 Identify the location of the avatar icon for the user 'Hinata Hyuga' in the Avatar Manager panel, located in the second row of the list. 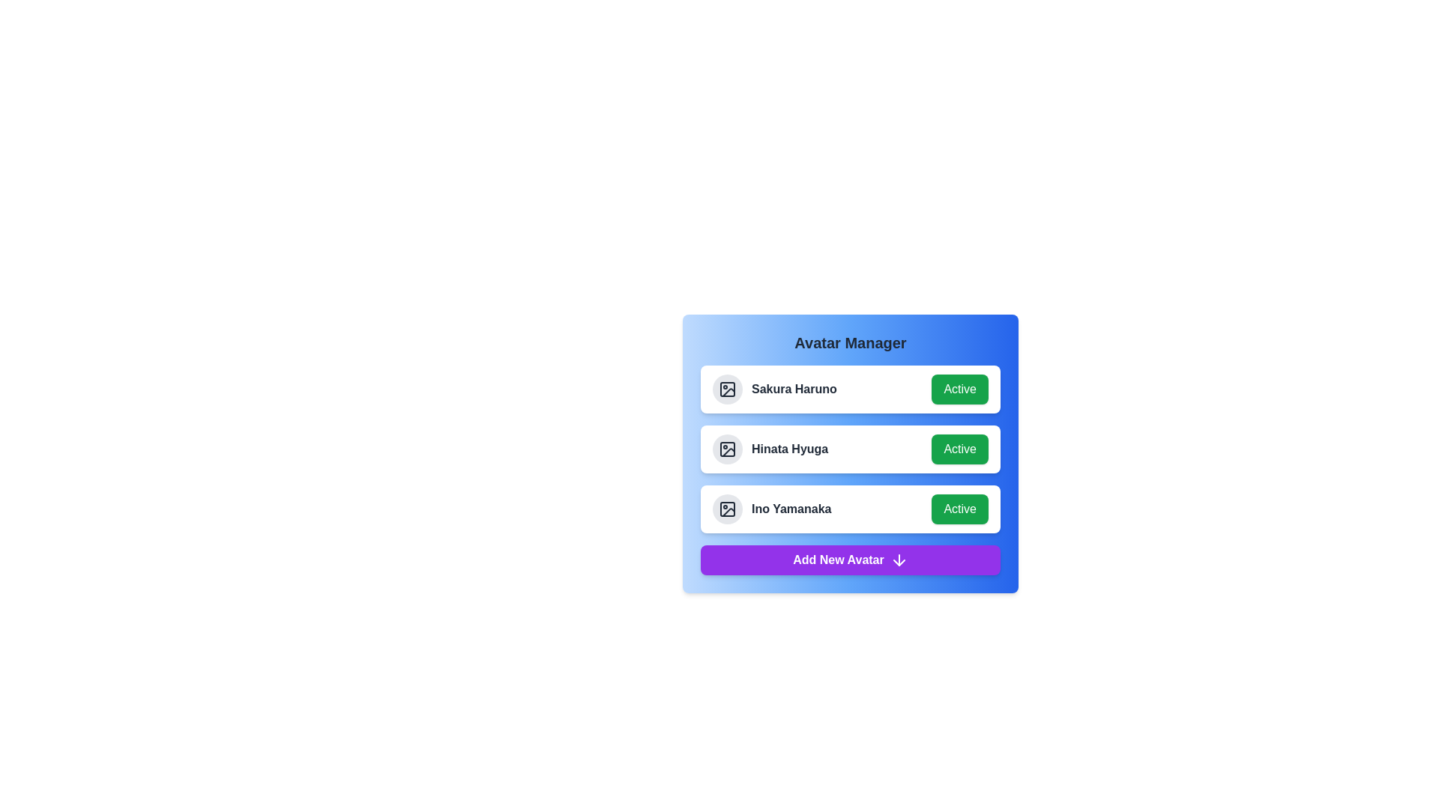
(727, 449).